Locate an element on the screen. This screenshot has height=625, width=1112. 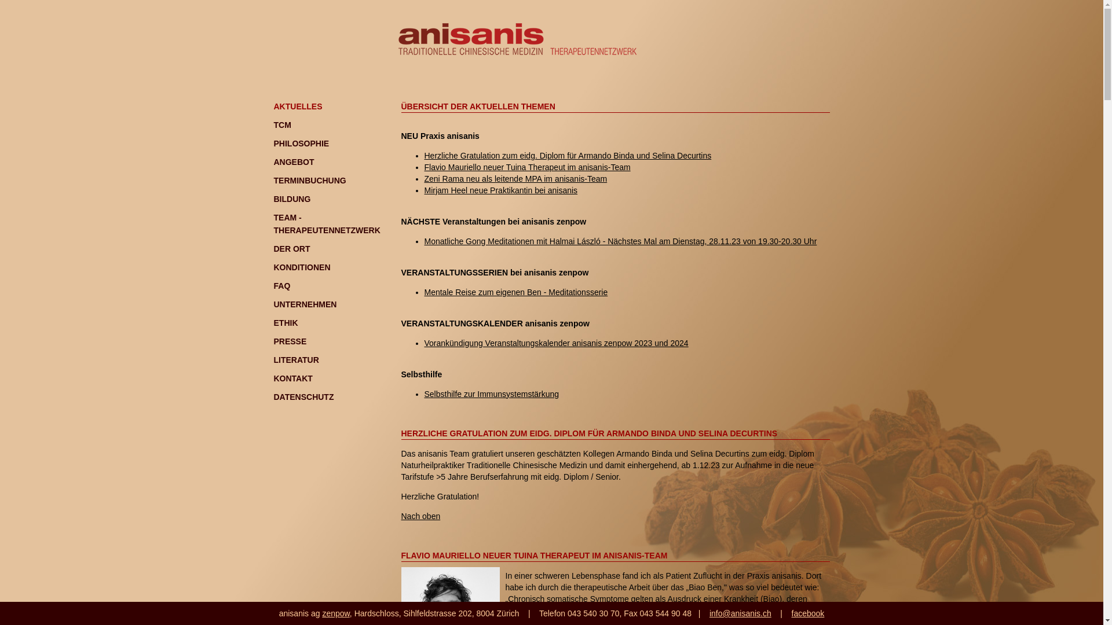
'ANGEBOT' is located at coordinates (294, 162).